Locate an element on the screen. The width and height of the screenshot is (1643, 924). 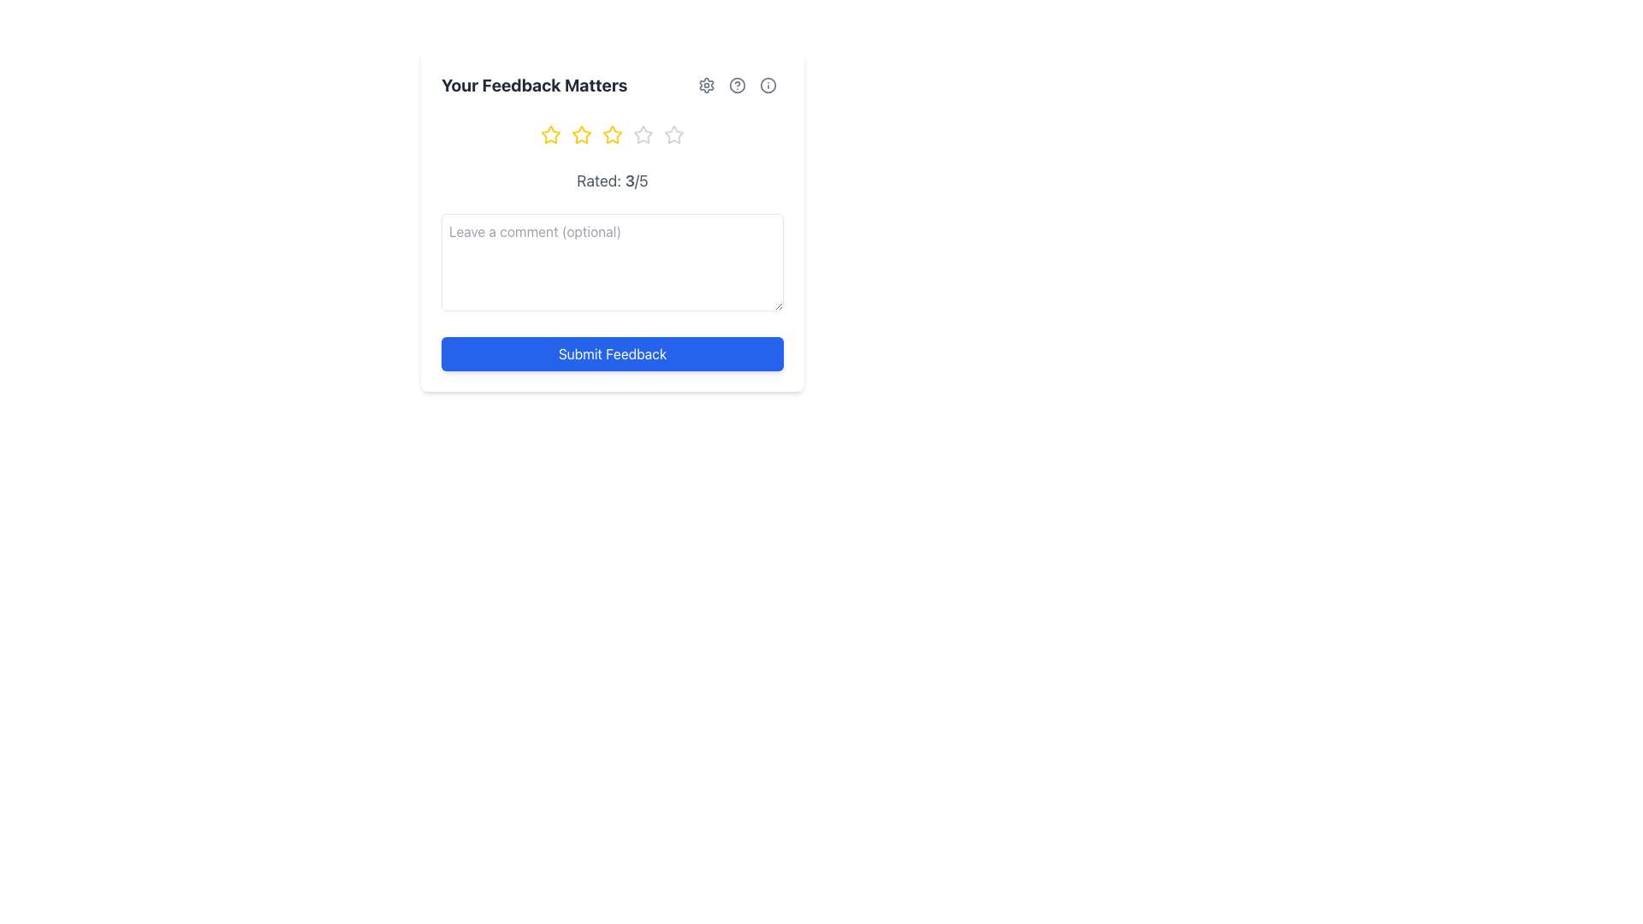
the third star in the rating interface, which is styled with a yellow fill and white outline is located at coordinates (612, 134).